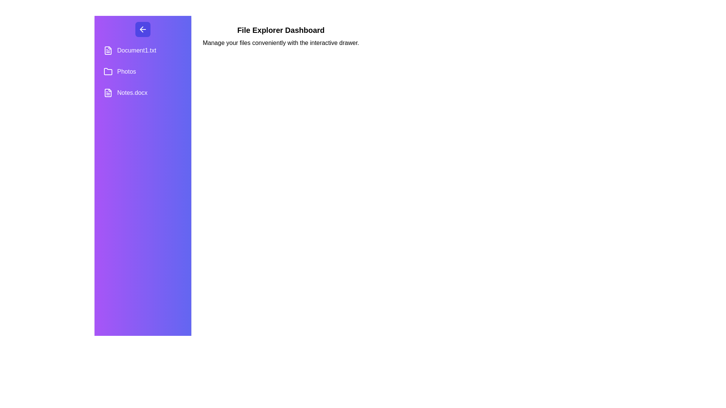 The height and width of the screenshot is (408, 726). What do you see at coordinates (143, 93) in the screenshot?
I see `the file or folder named Notes.docx` at bounding box center [143, 93].